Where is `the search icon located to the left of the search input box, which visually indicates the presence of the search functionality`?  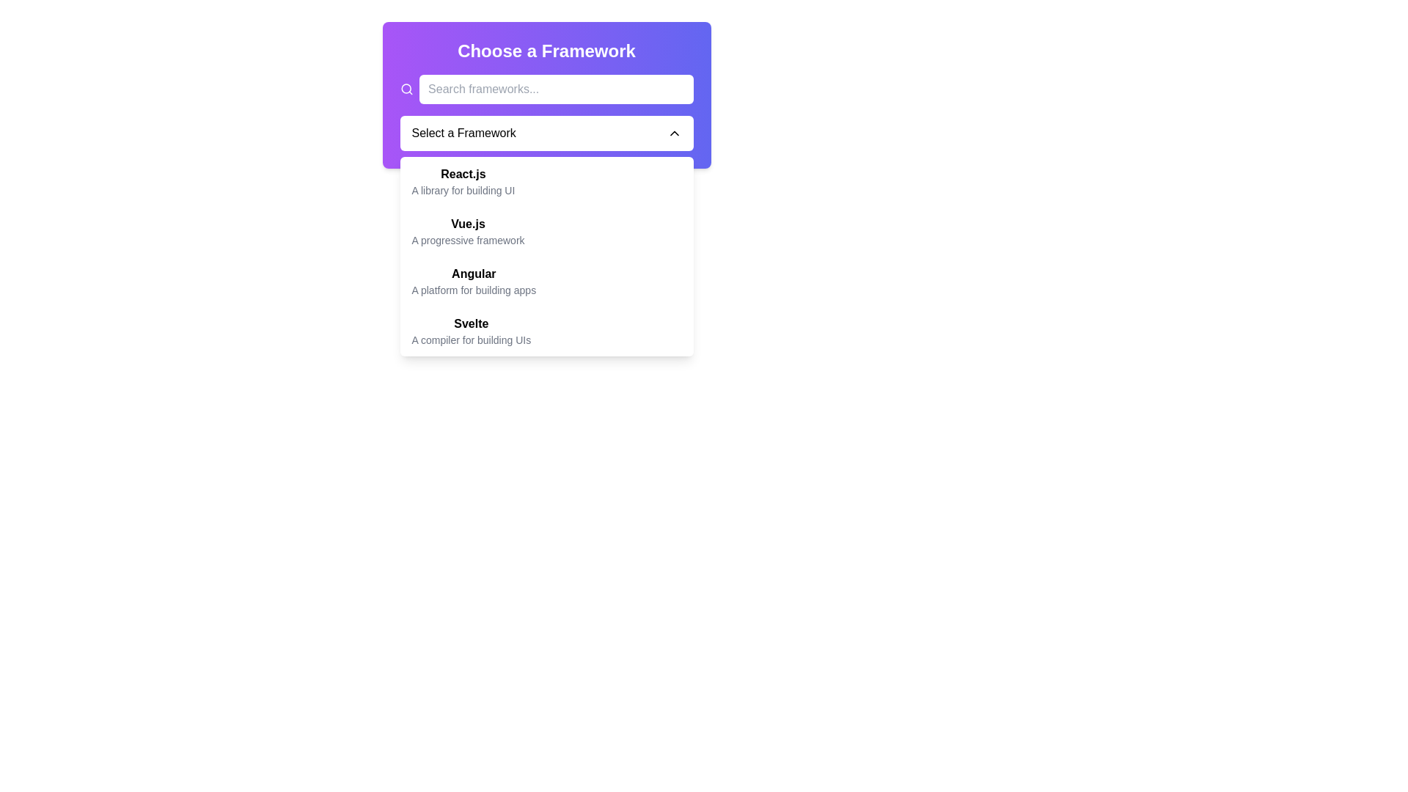 the search icon located to the left of the search input box, which visually indicates the presence of the search functionality is located at coordinates (406, 89).